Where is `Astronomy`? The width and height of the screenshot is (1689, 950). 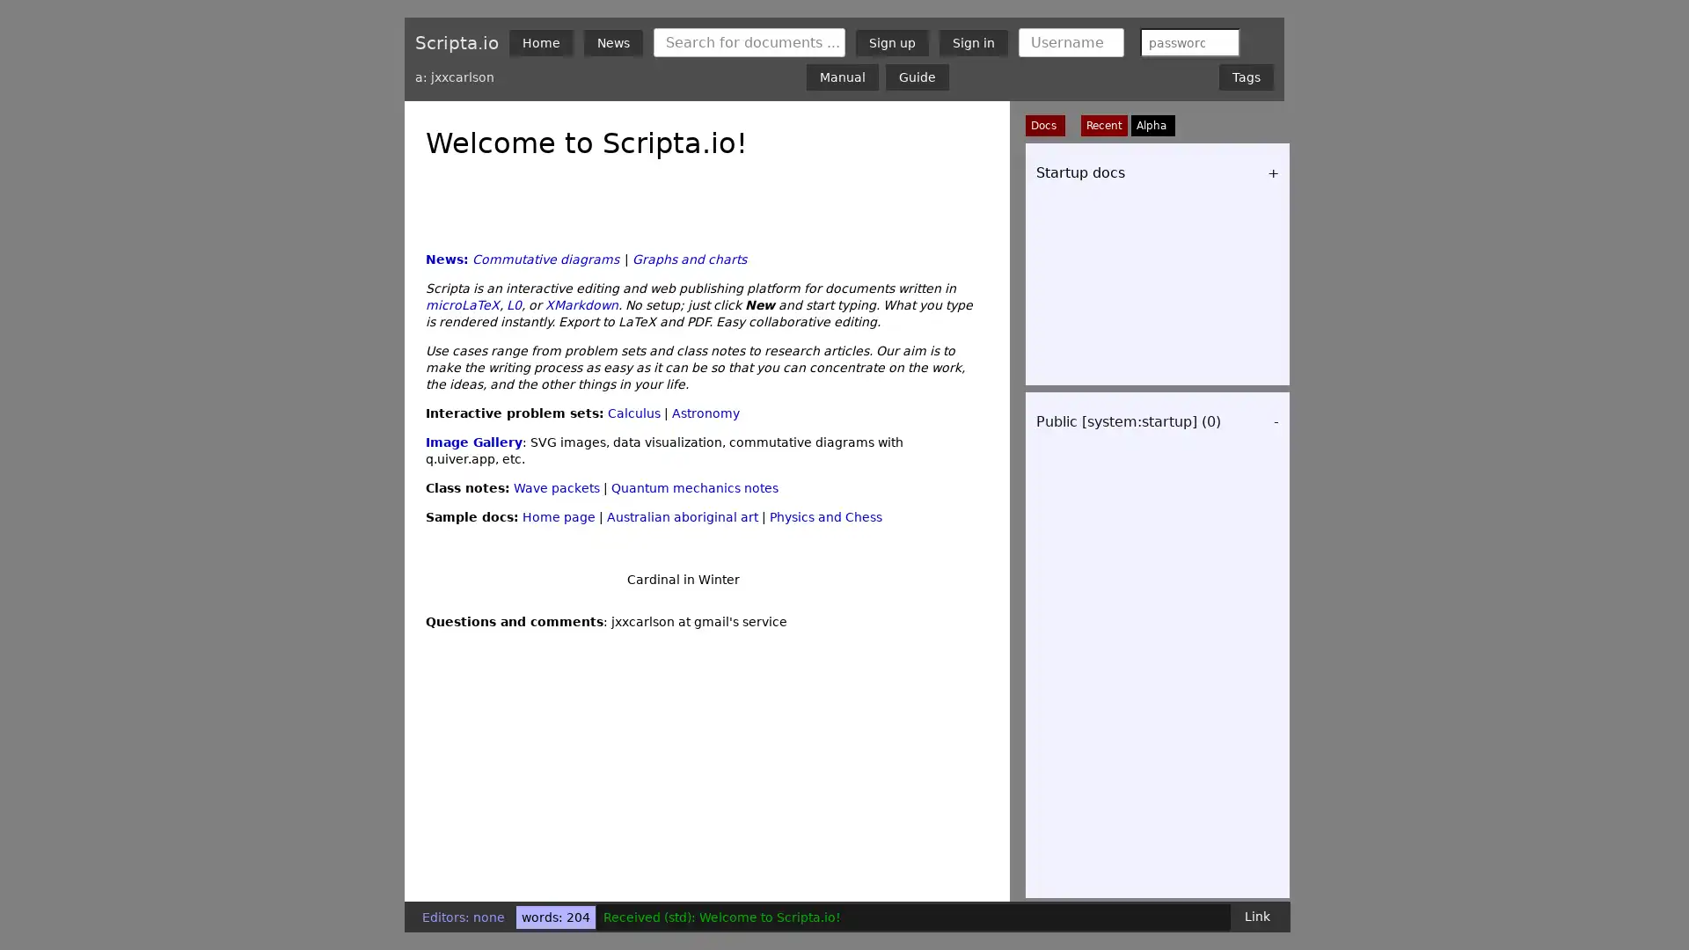 Astronomy is located at coordinates (706, 548).